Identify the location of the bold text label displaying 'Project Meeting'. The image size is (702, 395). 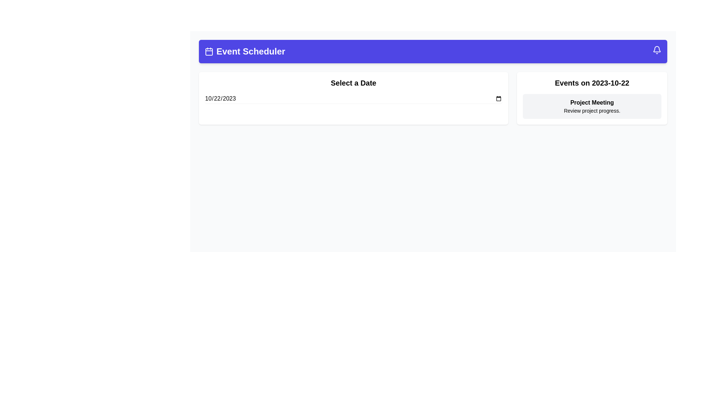
(592, 103).